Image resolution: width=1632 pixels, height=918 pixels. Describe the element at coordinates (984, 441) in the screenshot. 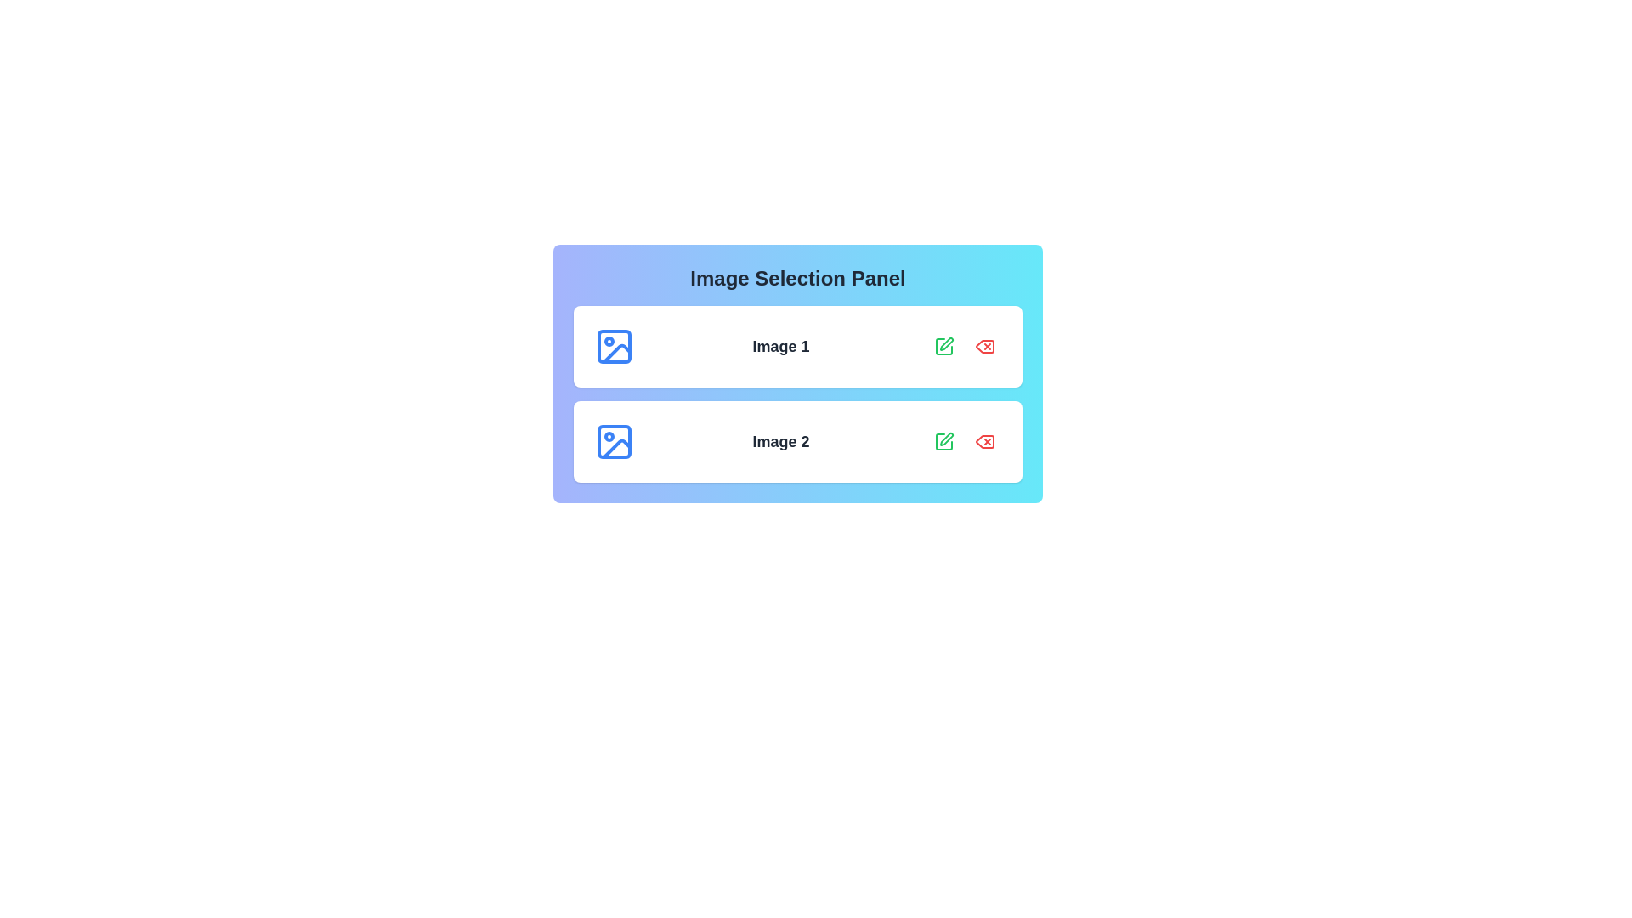

I see `the red delete icon button resembling a cross ('X') in the Image Selection Panel, which is located to the far right of the 'Image 2' label` at that location.